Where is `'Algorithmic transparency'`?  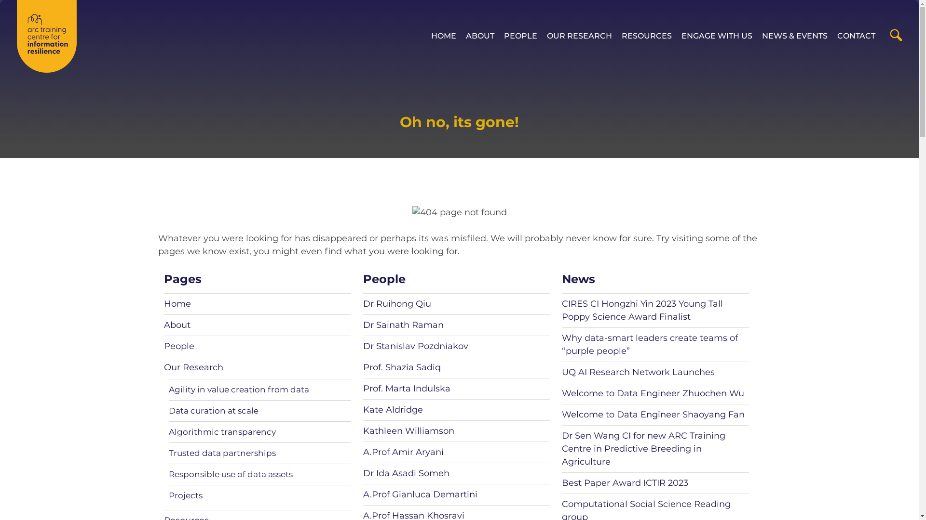
'Algorithmic transparency' is located at coordinates (221, 431).